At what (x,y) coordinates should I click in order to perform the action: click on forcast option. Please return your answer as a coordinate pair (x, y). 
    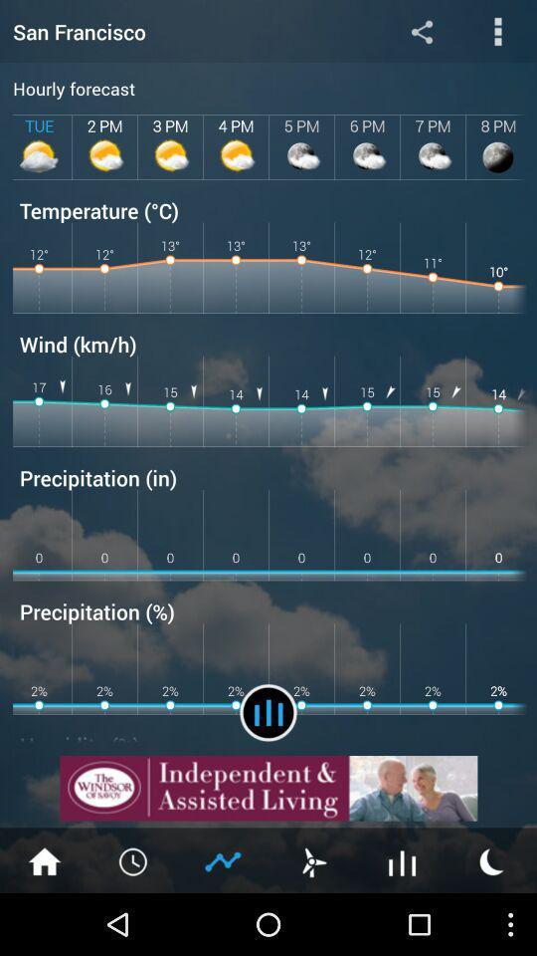
    Looking at the image, I should click on (403, 859).